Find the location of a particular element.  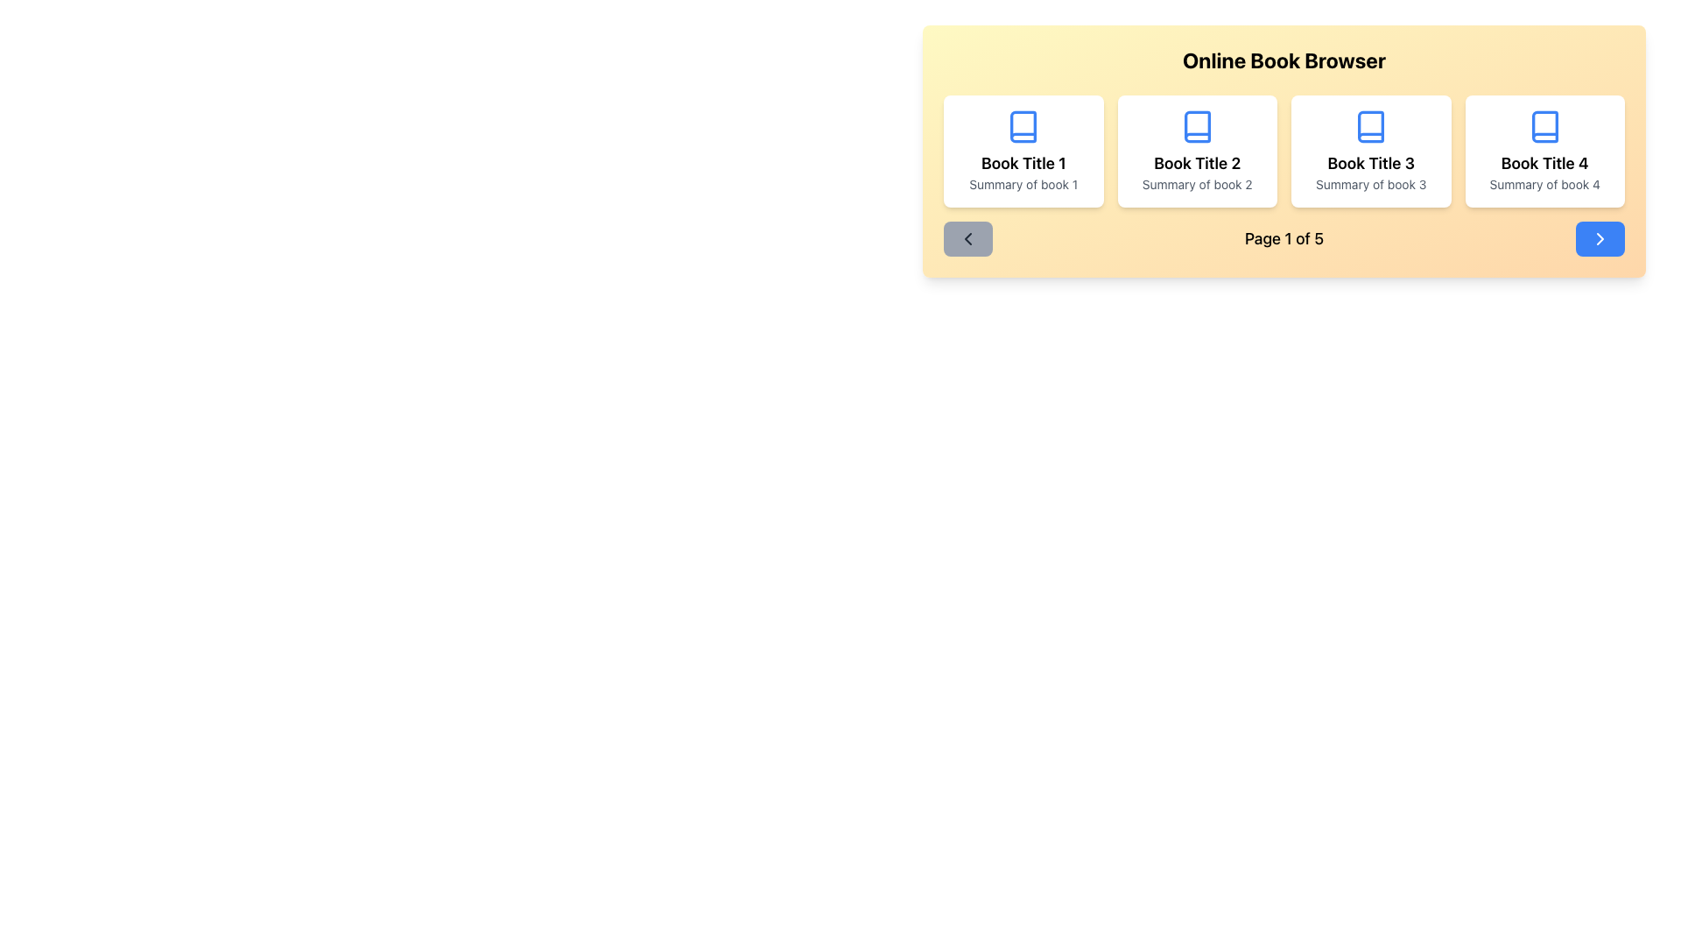

the leftmost navigation button in the bottom section is located at coordinates (967, 239).